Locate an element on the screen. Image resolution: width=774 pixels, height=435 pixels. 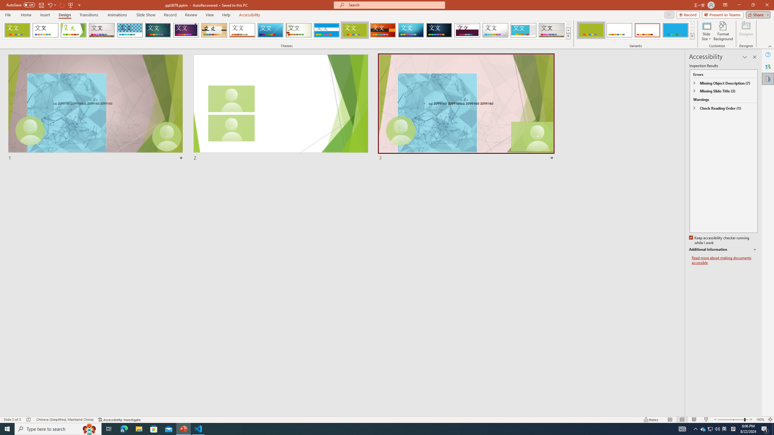
'Facet' is located at coordinates (73, 30).